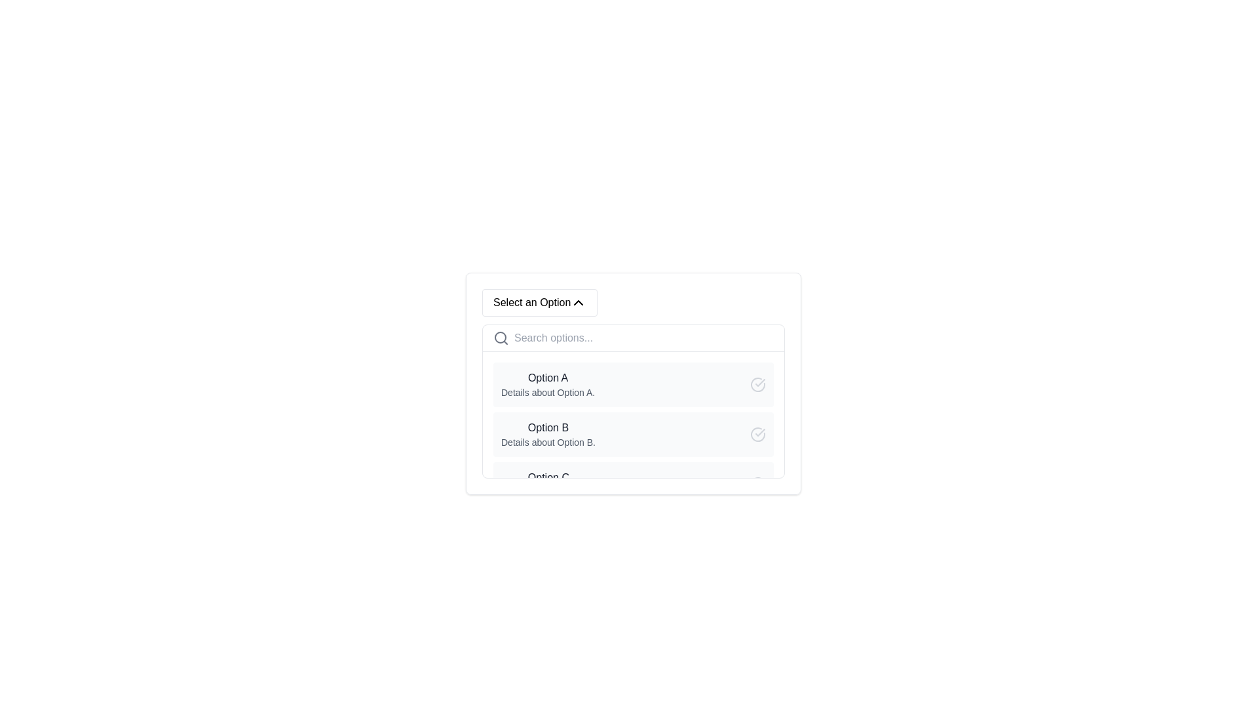  I want to click on the 'Option B' label, which is a bold dark gray text header within the second option of a dropdown component, so click(548, 427).